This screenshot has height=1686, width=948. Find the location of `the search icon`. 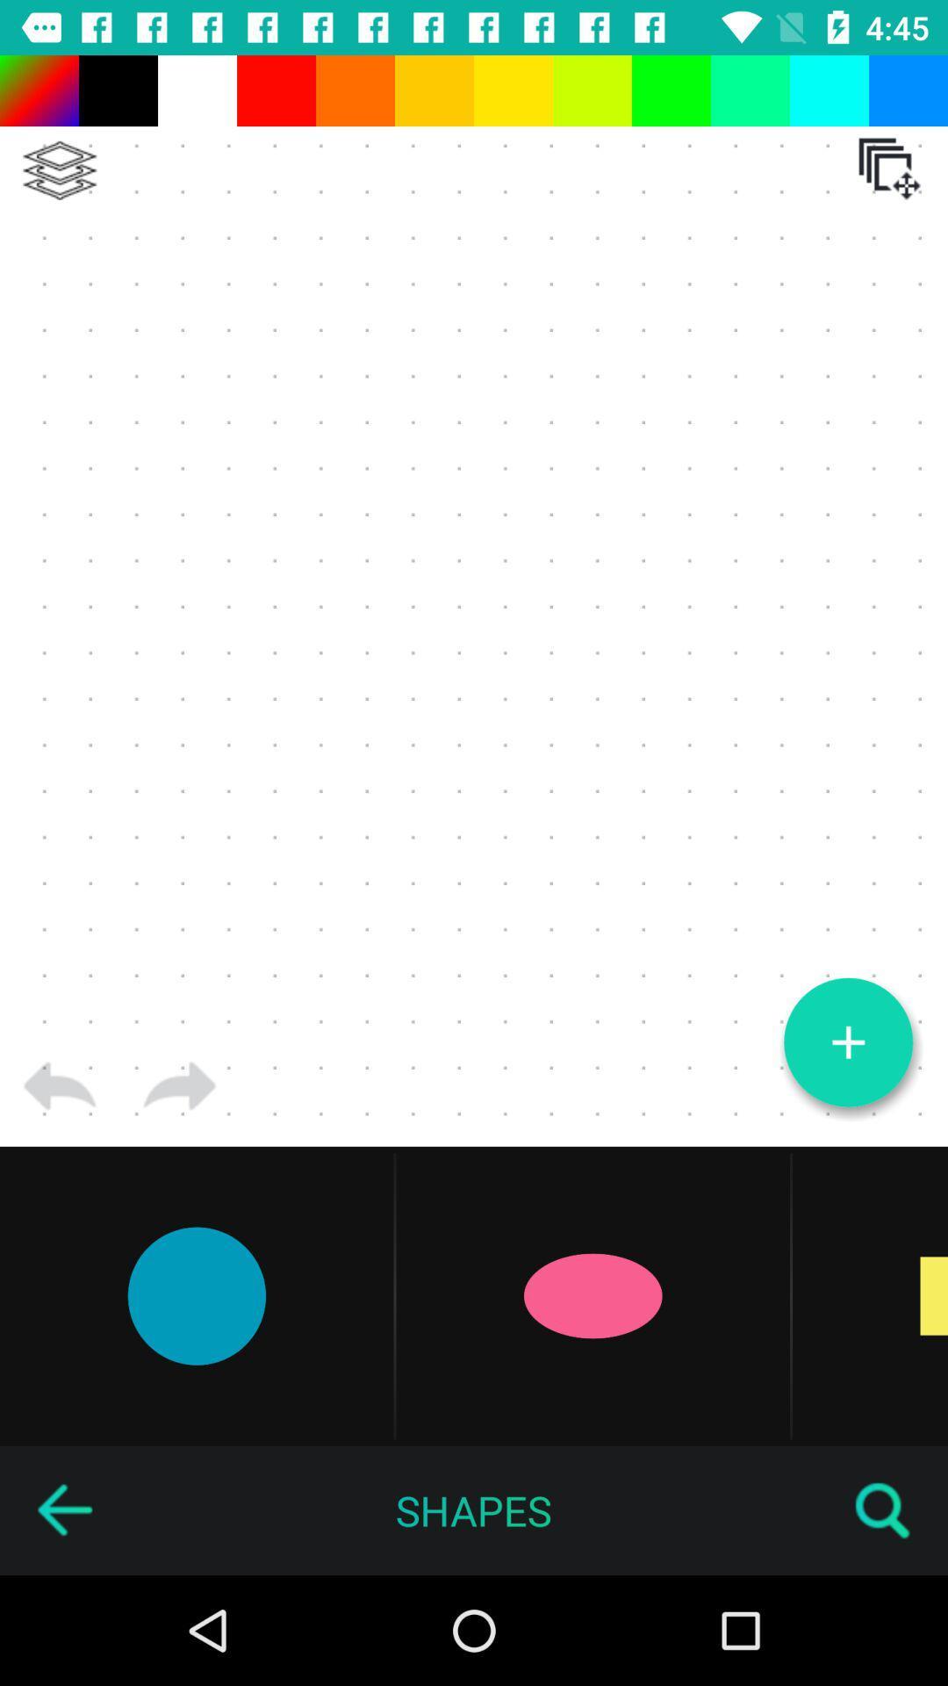

the search icon is located at coordinates (883, 1509).